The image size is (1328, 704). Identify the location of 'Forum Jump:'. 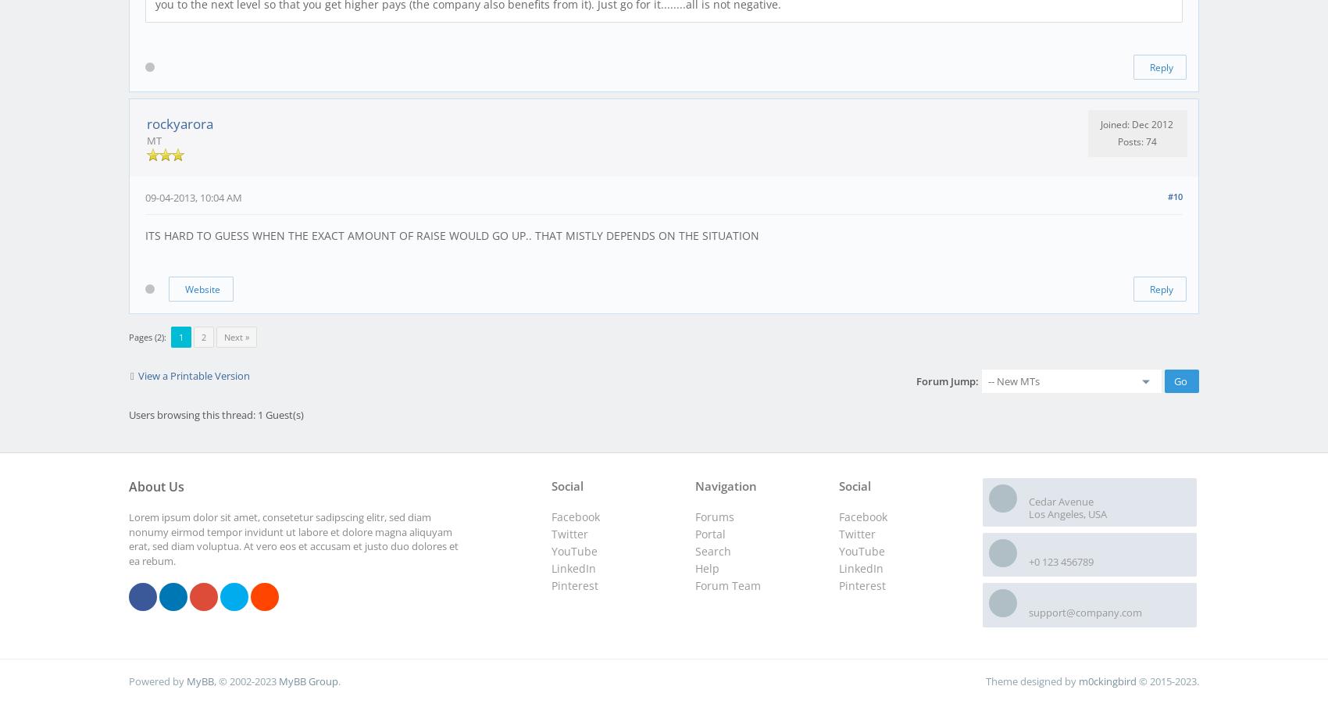
(946, 380).